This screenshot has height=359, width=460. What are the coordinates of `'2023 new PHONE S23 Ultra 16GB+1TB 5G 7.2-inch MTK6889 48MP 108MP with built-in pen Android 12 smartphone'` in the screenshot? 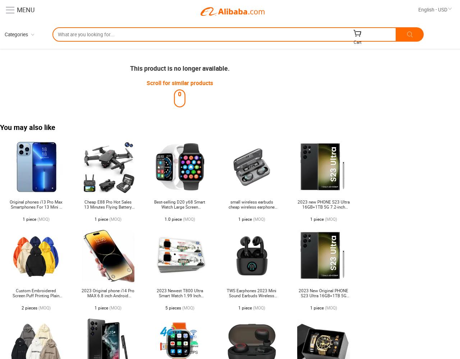 It's located at (323, 211).